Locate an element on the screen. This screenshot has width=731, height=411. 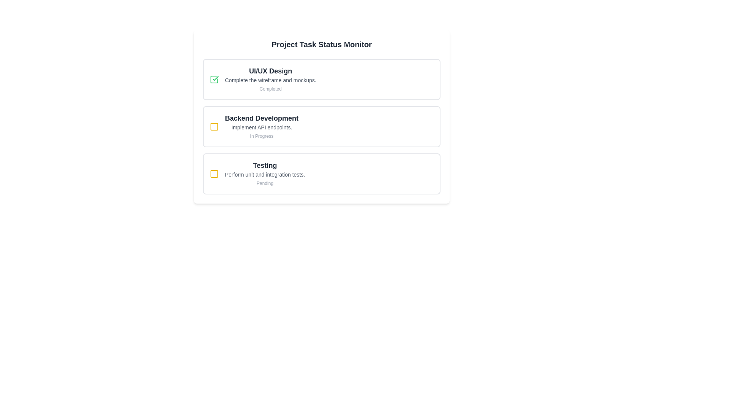
the text label that serves as the title of the second task card in the vertically stacked task list is located at coordinates (262, 118).